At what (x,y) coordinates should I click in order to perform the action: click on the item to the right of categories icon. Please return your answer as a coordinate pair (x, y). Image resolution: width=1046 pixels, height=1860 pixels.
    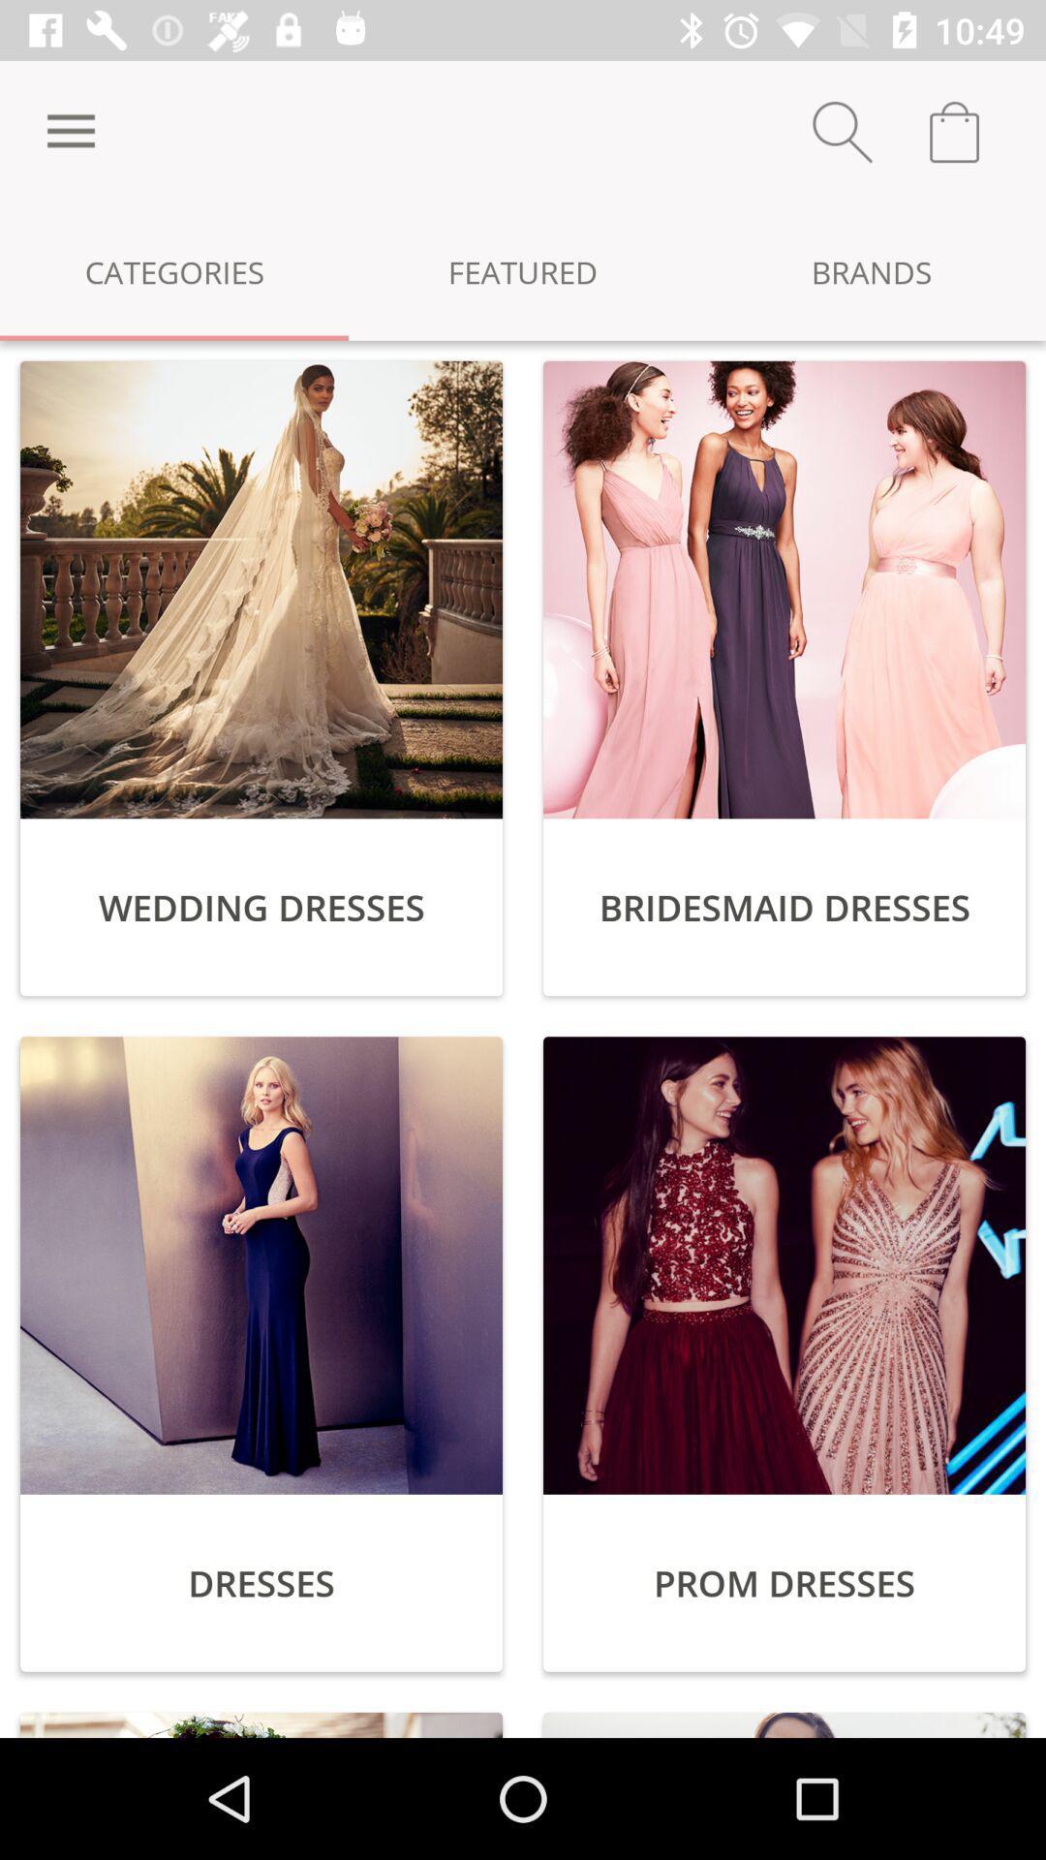
    Looking at the image, I should click on (523, 270).